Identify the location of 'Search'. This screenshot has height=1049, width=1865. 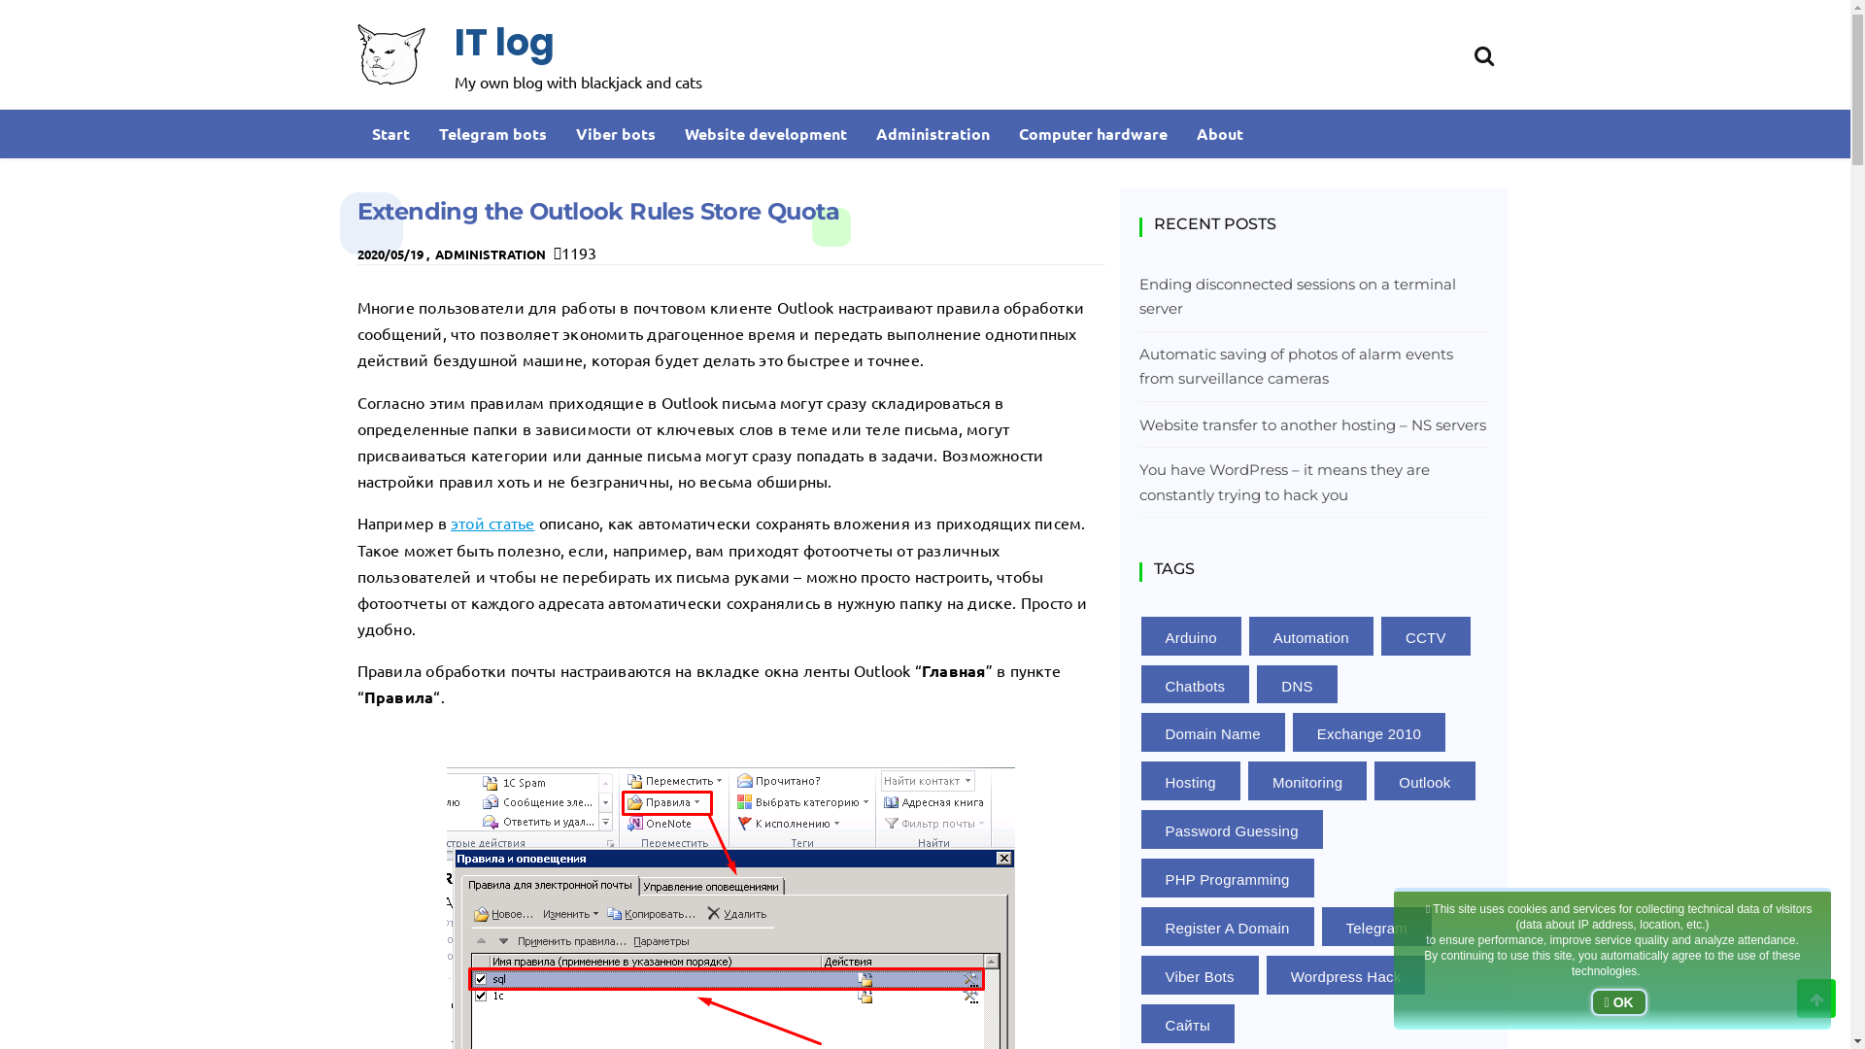
(1482, 51).